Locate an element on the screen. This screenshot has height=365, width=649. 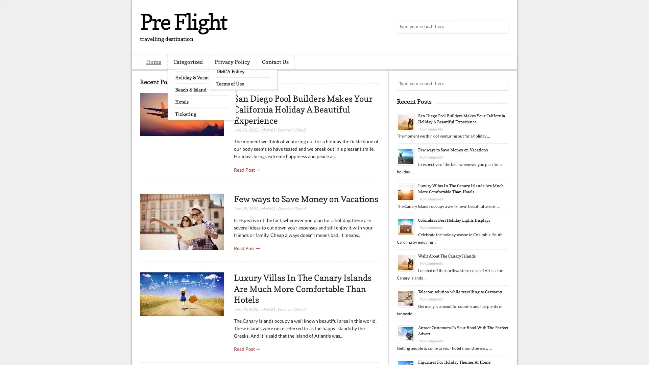
Search is located at coordinates (502, 84).